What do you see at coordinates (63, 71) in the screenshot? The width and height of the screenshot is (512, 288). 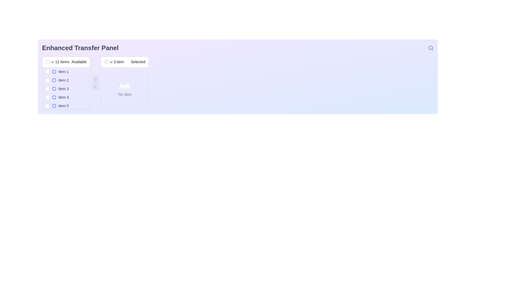 I see `the text label 'Item 1' which is styled in gray and located in the first row of the interactive list of selectable items` at bounding box center [63, 71].